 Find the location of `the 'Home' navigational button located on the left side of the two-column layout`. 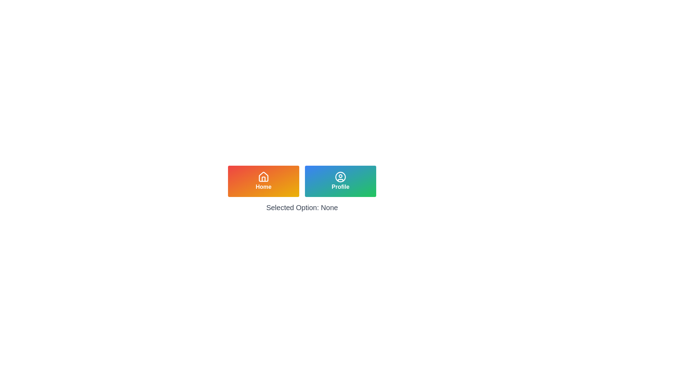

the 'Home' navigational button located on the left side of the two-column layout is located at coordinates (263, 181).